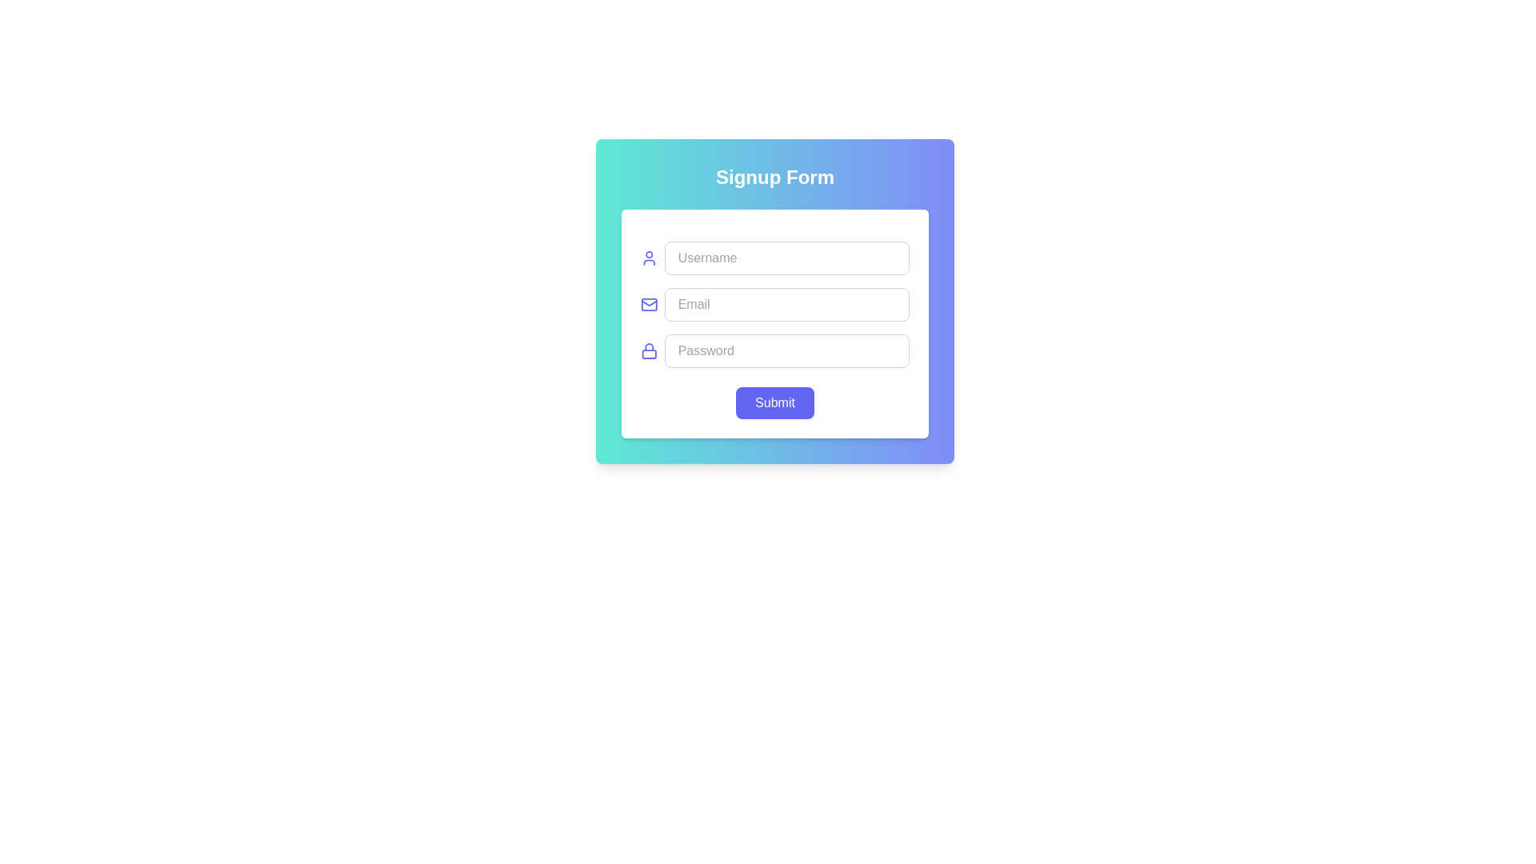  I want to click on the username input field located in the upper section of the signup form to focus on it, so click(786, 258).